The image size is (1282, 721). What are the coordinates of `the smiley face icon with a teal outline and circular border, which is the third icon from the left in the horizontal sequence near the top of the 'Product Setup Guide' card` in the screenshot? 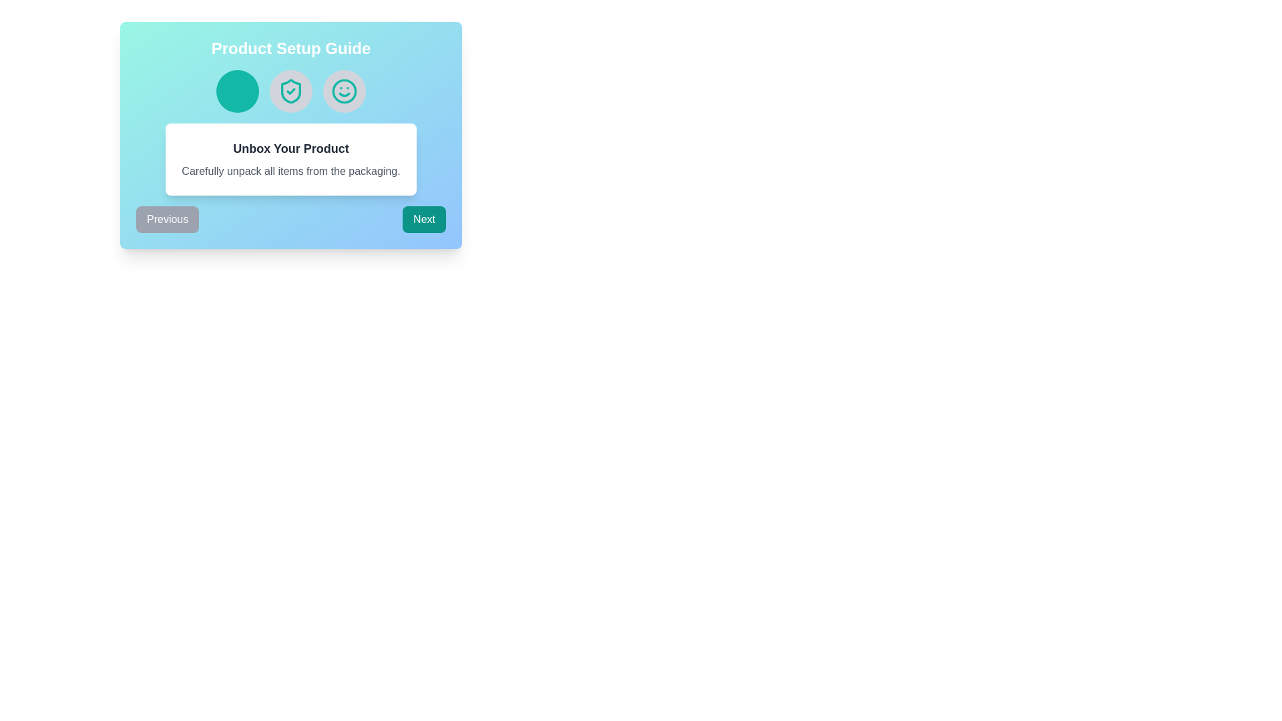 It's located at (344, 91).